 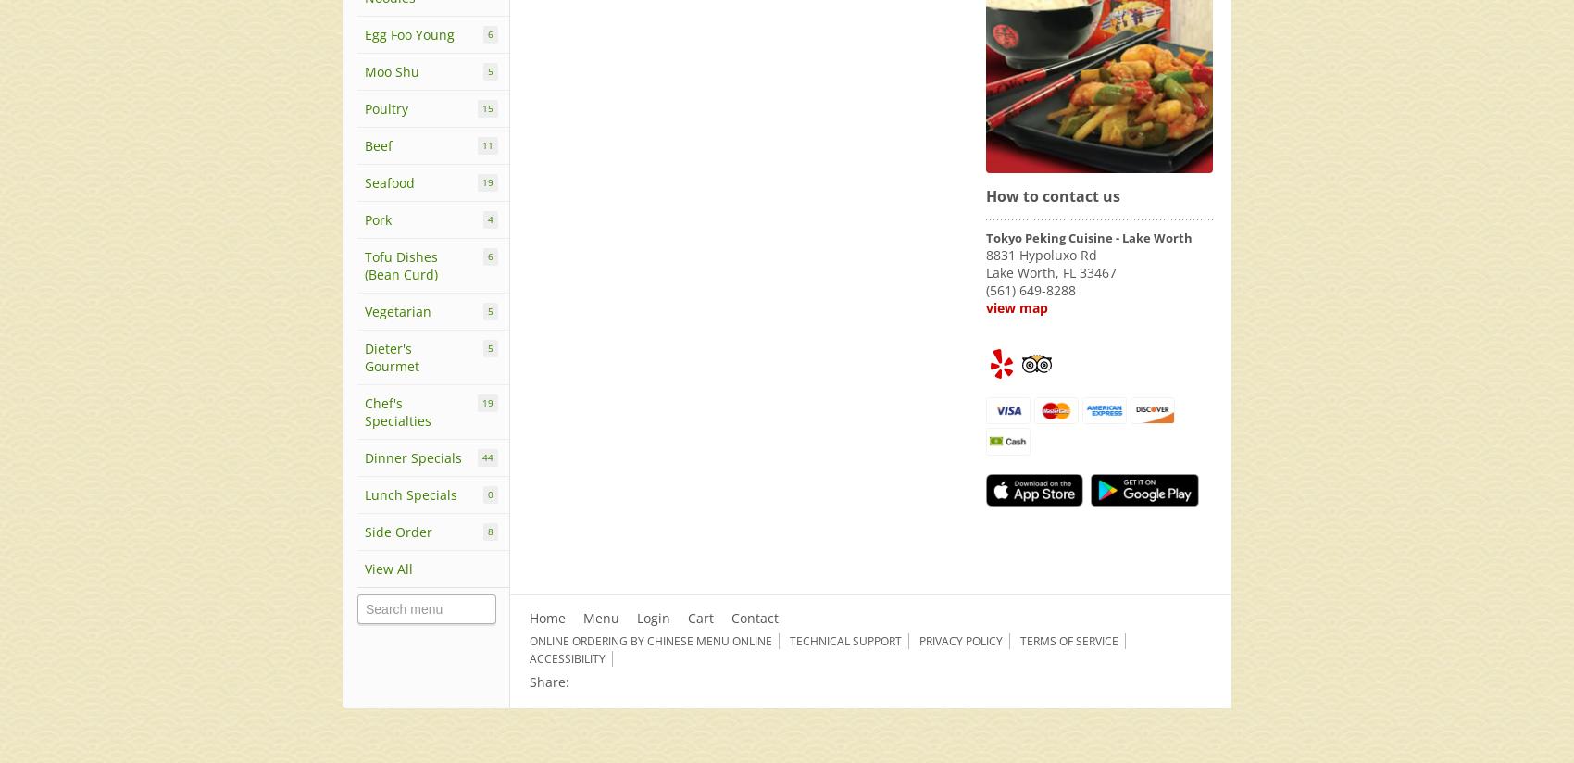 I want to click on '15', so click(x=486, y=108).